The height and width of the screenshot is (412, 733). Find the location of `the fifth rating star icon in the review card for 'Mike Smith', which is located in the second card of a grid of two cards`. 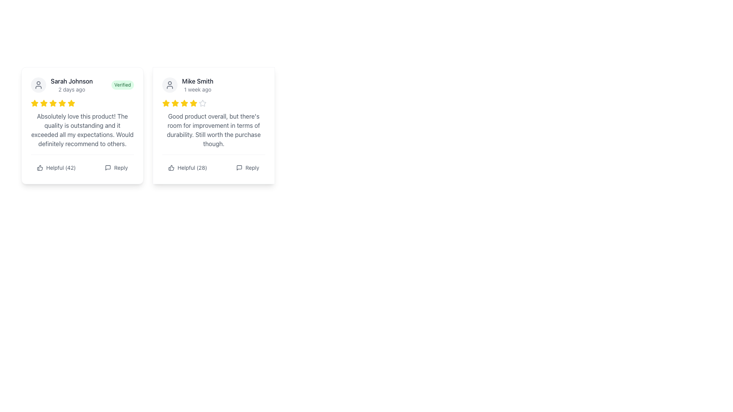

the fifth rating star icon in the review card for 'Mike Smith', which is located in the second card of a grid of two cards is located at coordinates (184, 103).